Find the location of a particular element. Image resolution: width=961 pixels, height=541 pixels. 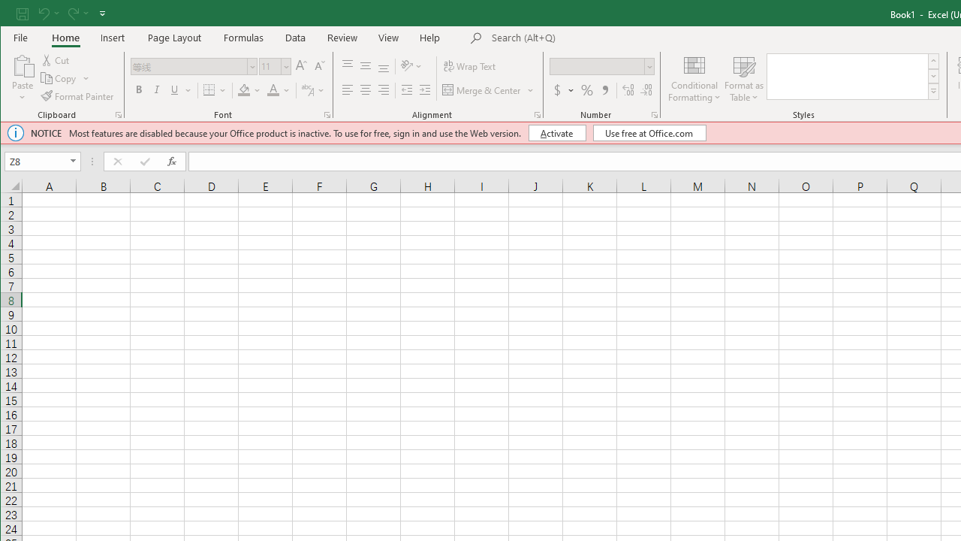

'Format Cell Alignment' is located at coordinates (538, 114).